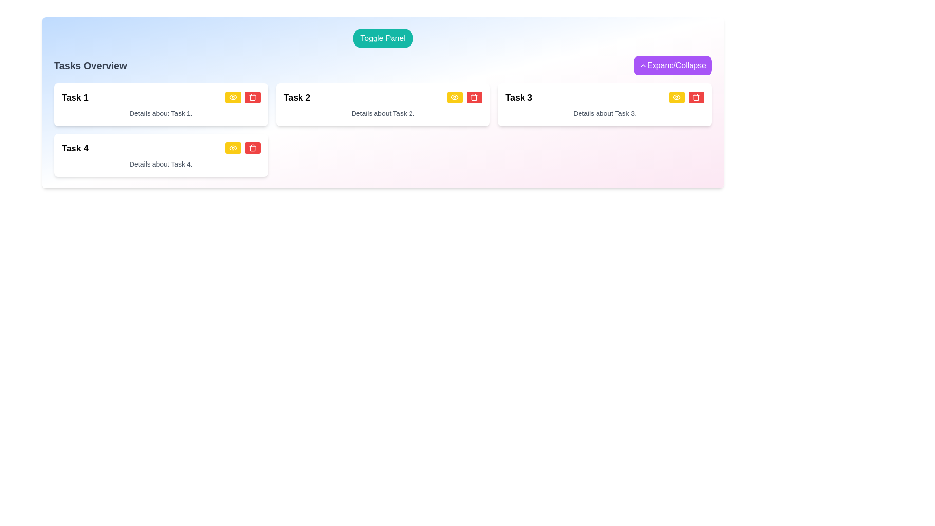  I want to click on the yellow button with an eye icon, which is the left-most button in the control section for 'Task 2', so click(454, 97).